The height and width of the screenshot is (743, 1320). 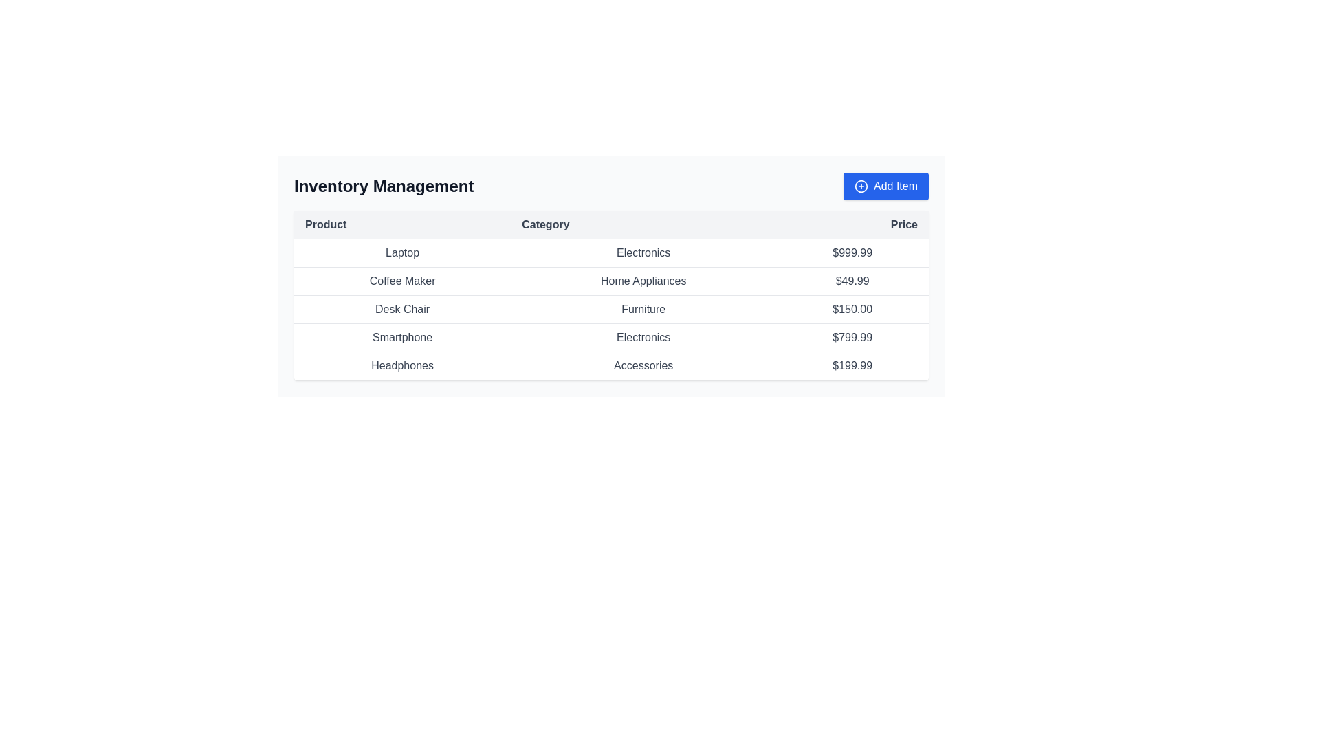 What do you see at coordinates (401, 280) in the screenshot?
I see `the 'Coffee Maker' text label in the second row of the table under the 'Product' column, which is aligned with similar entries and positioned to the left of 'Home Appliances'` at bounding box center [401, 280].